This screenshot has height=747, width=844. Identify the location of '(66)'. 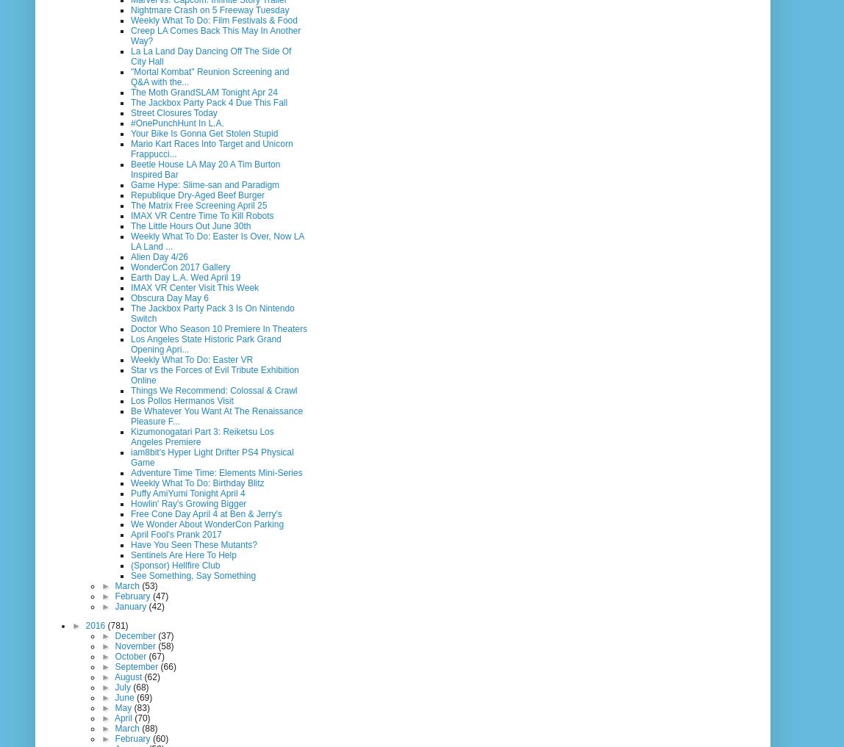
(168, 665).